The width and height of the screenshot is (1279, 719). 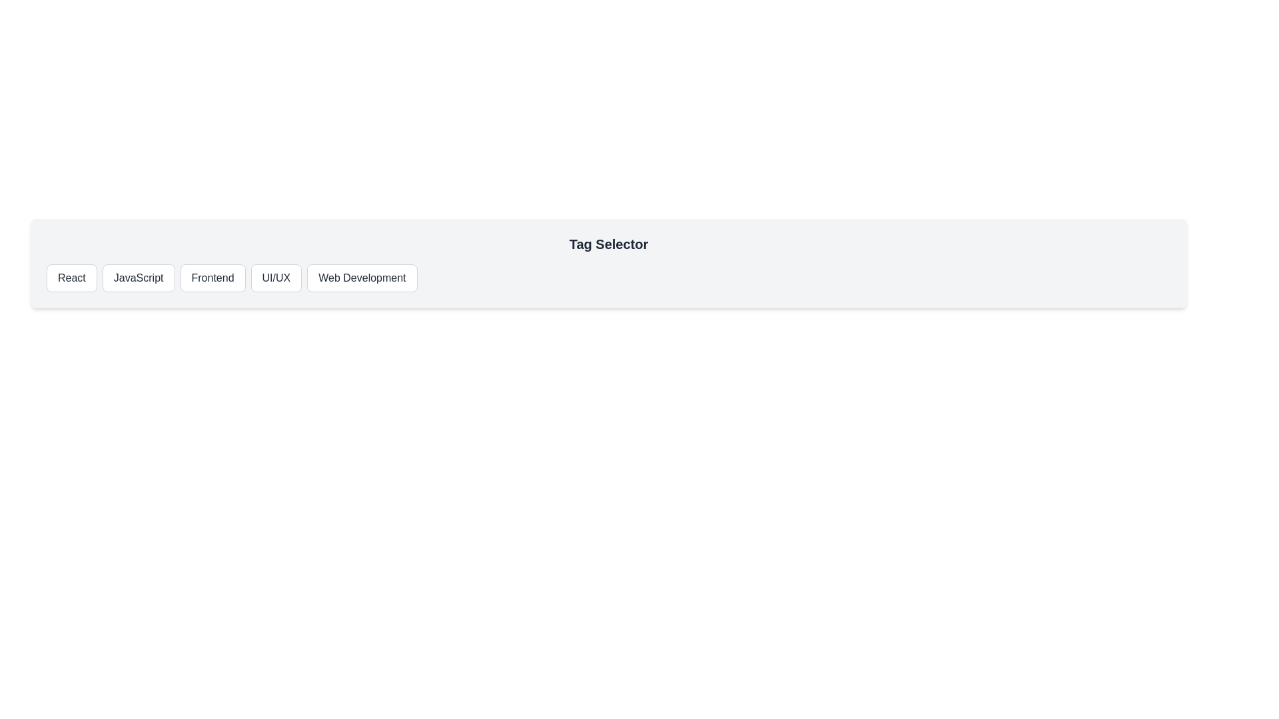 What do you see at coordinates (212, 277) in the screenshot?
I see `the Frontend button to observe the hover effect` at bounding box center [212, 277].